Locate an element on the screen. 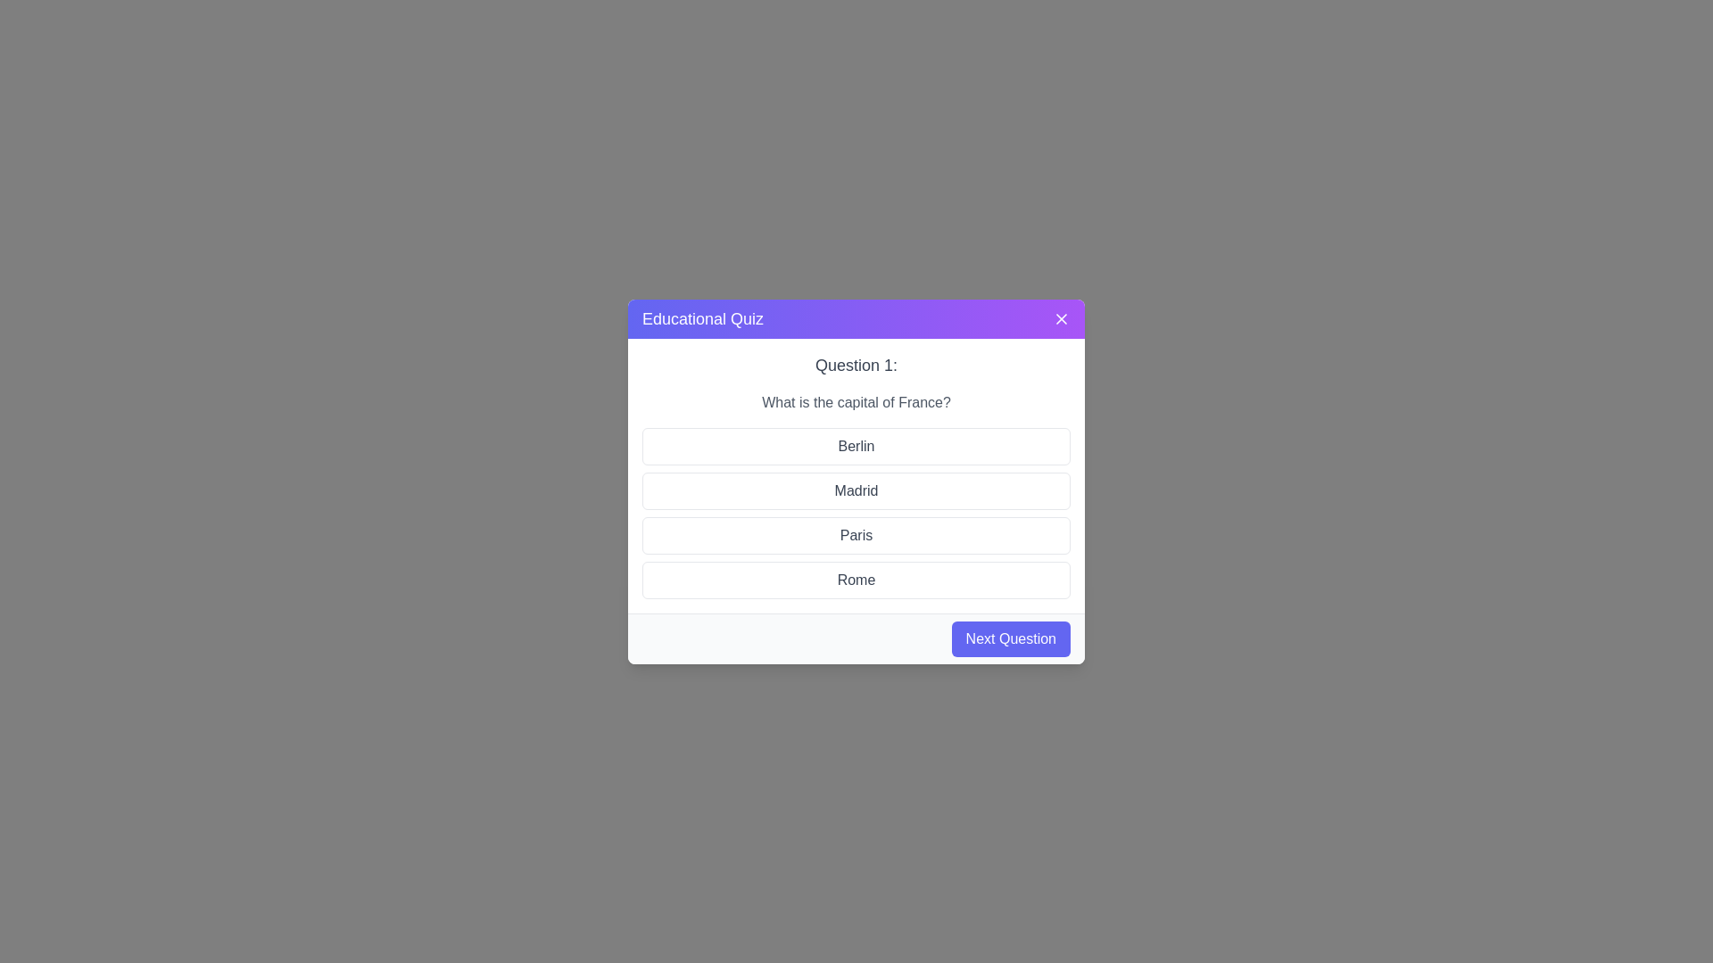  the close button located in the top-right corner of the purple header, next to the 'Educational Quiz' text is located at coordinates (1062, 317).